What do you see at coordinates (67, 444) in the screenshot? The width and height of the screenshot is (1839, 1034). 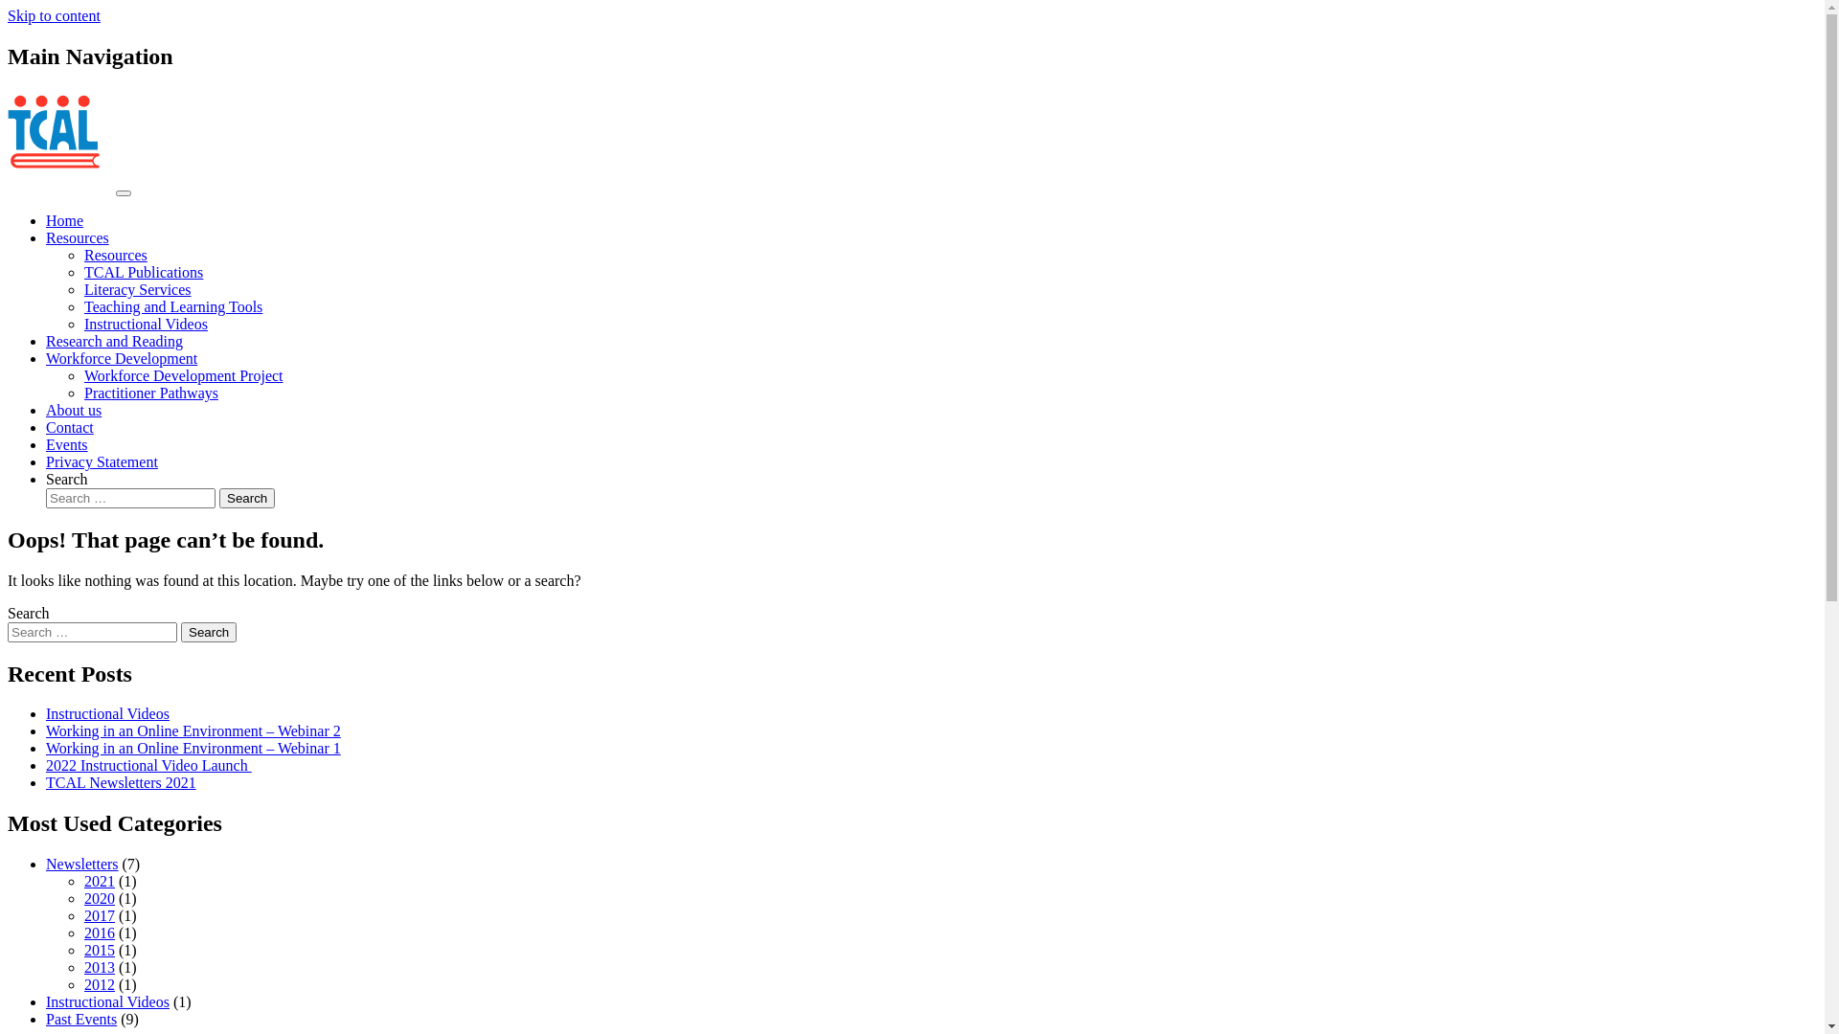 I see `'Events'` at bounding box center [67, 444].